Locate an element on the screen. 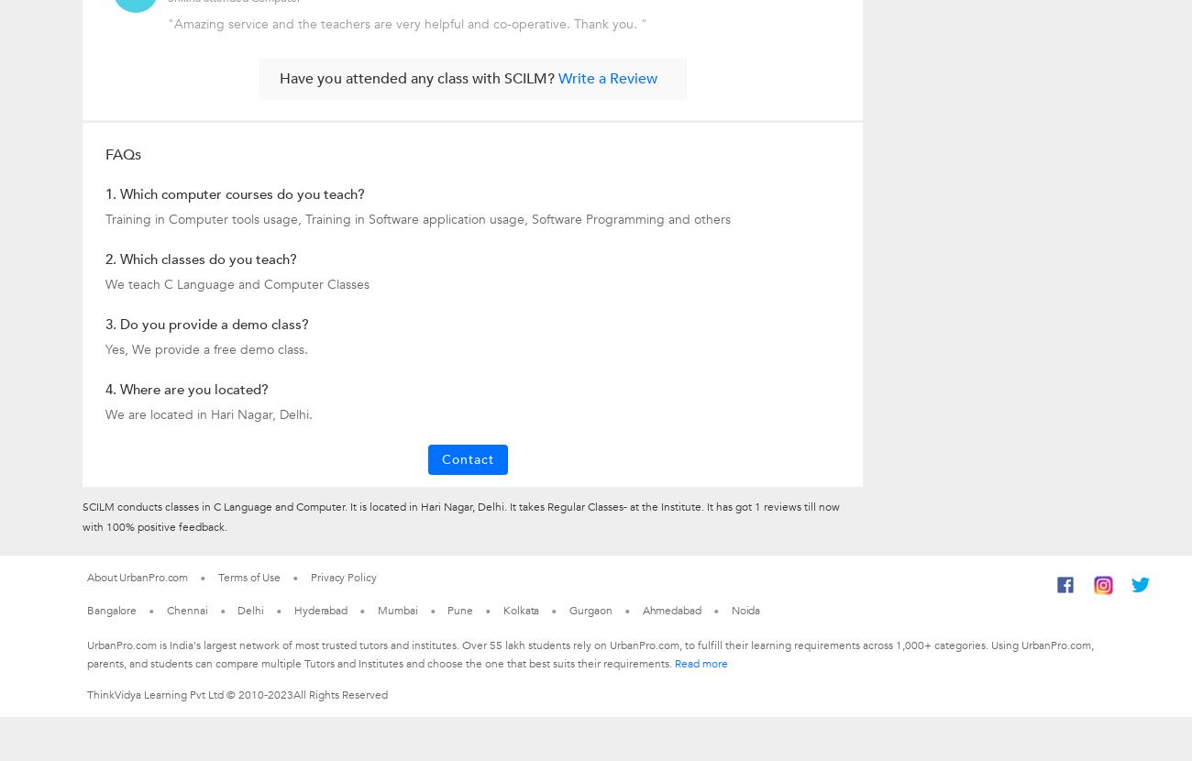 This screenshot has width=1192, height=761. 'Bangalore' is located at coordinates (110, 610).